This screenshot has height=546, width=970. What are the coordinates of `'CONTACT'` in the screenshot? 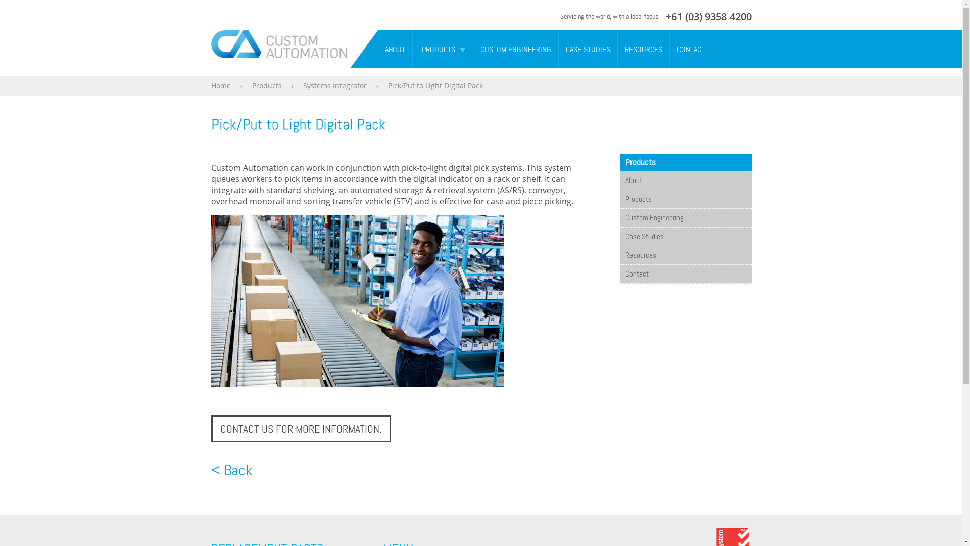 It's located at (690, 49).